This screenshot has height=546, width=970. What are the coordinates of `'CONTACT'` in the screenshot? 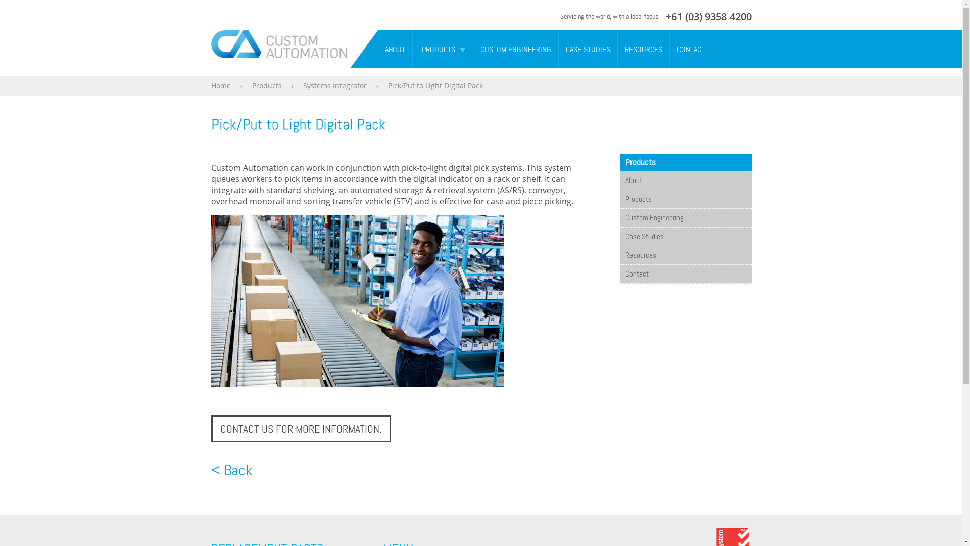 It's located at (690, 49).